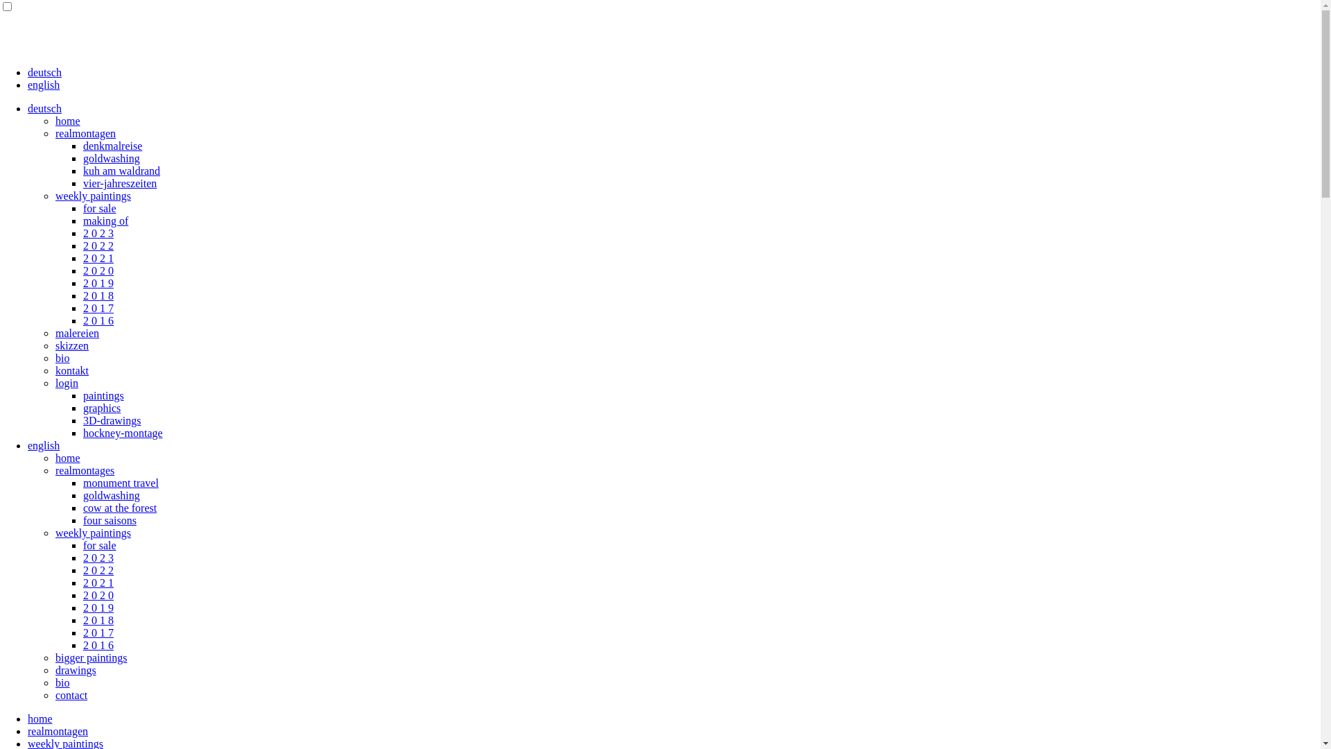  Describe the element at coordinates (98, 594) in the screenshot. I see `'2 0 2 0'` at that location.